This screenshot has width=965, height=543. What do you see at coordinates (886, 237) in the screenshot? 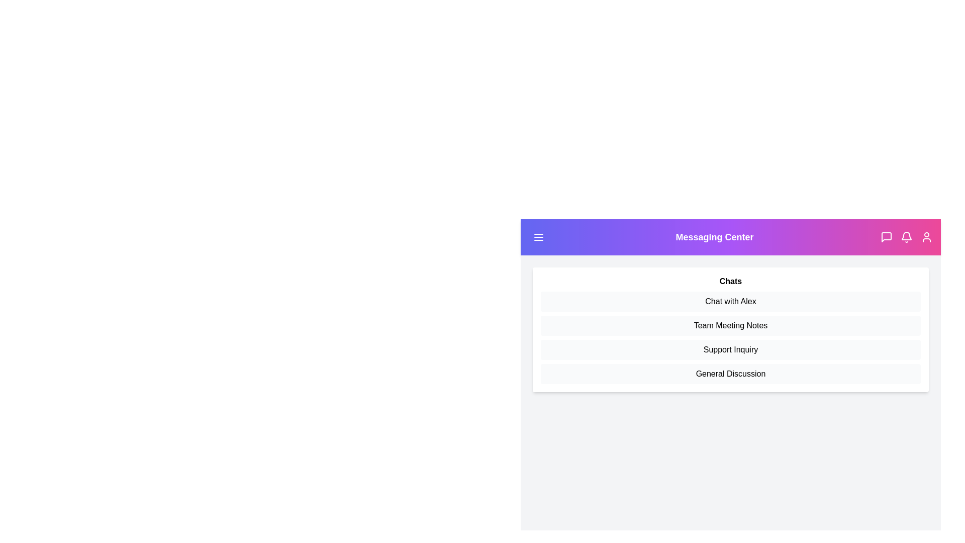
I see `the messaging icon in the top-right corner to open the messaging interface` at bounding box center [886, 237].